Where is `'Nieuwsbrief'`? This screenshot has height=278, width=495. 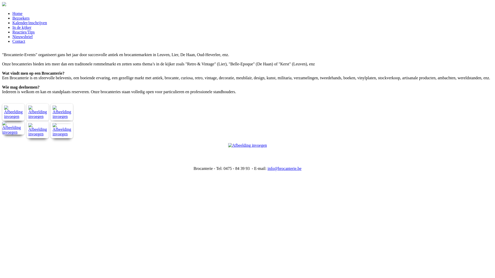 'Nieuwsbrief' is located at coordinates (22, 36).